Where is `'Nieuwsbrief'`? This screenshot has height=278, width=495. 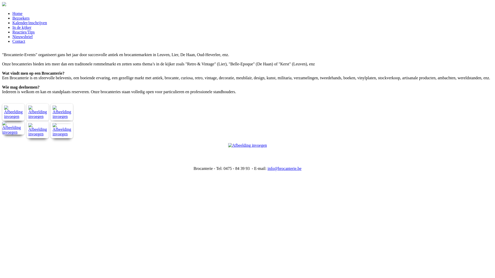 'Nieuwsbrief' is located at coordinates (22, 36).